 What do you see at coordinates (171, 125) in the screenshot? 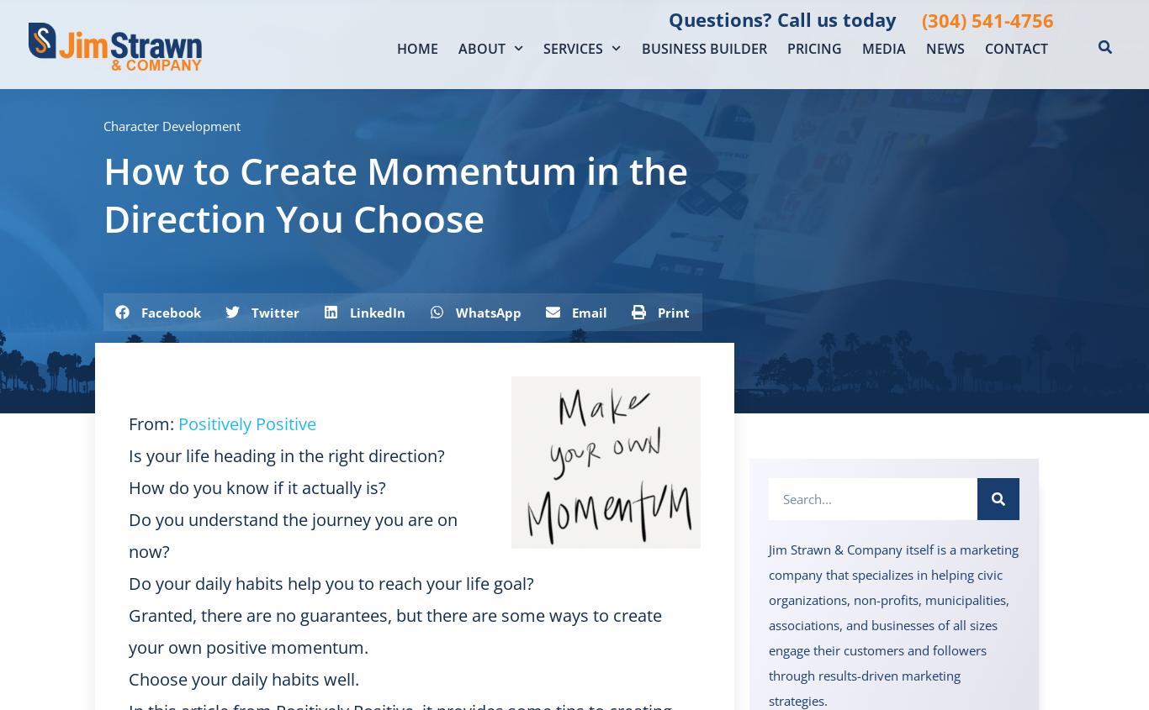
I see `'Character Development'` at bounding box center [171, 125].